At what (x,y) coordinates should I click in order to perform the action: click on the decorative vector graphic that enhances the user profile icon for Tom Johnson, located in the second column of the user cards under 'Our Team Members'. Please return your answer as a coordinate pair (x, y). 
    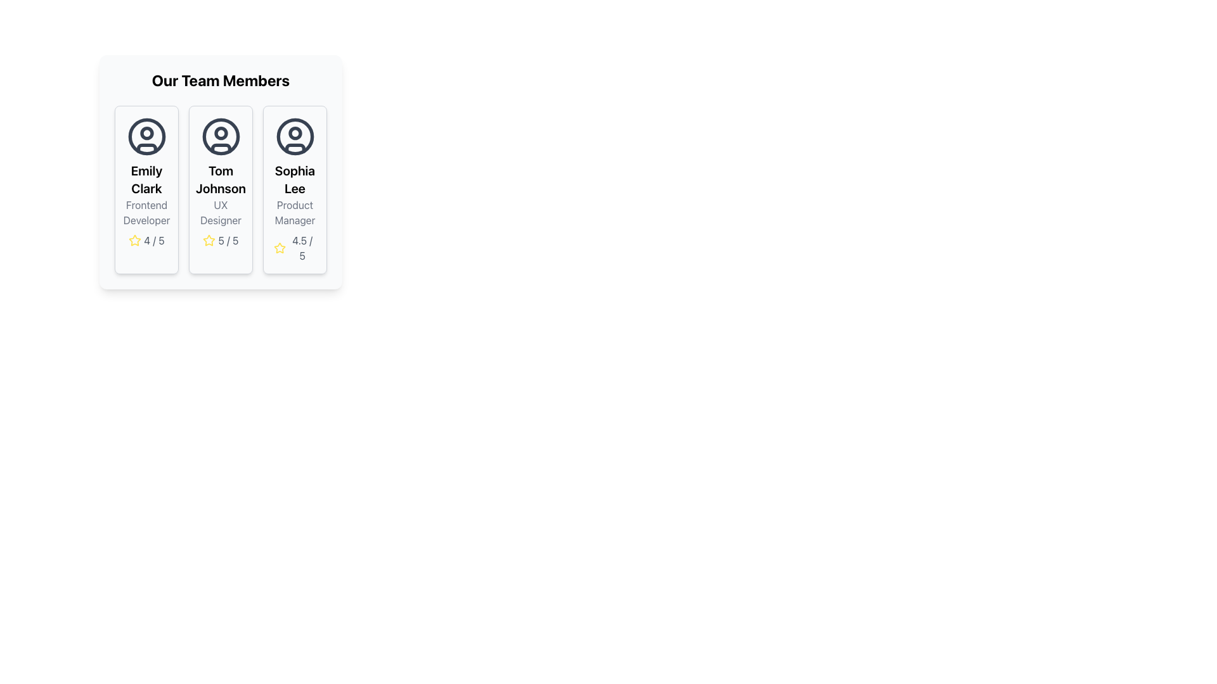
    Looking at the image, I should click on (221, 148).